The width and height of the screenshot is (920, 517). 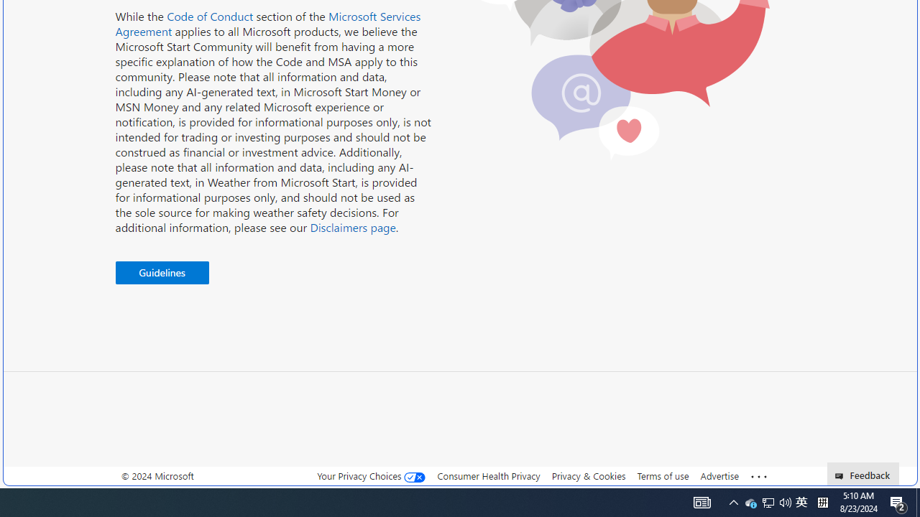 I want to click on 'Microsoft Services Agreement', so click(x=268, y=24).